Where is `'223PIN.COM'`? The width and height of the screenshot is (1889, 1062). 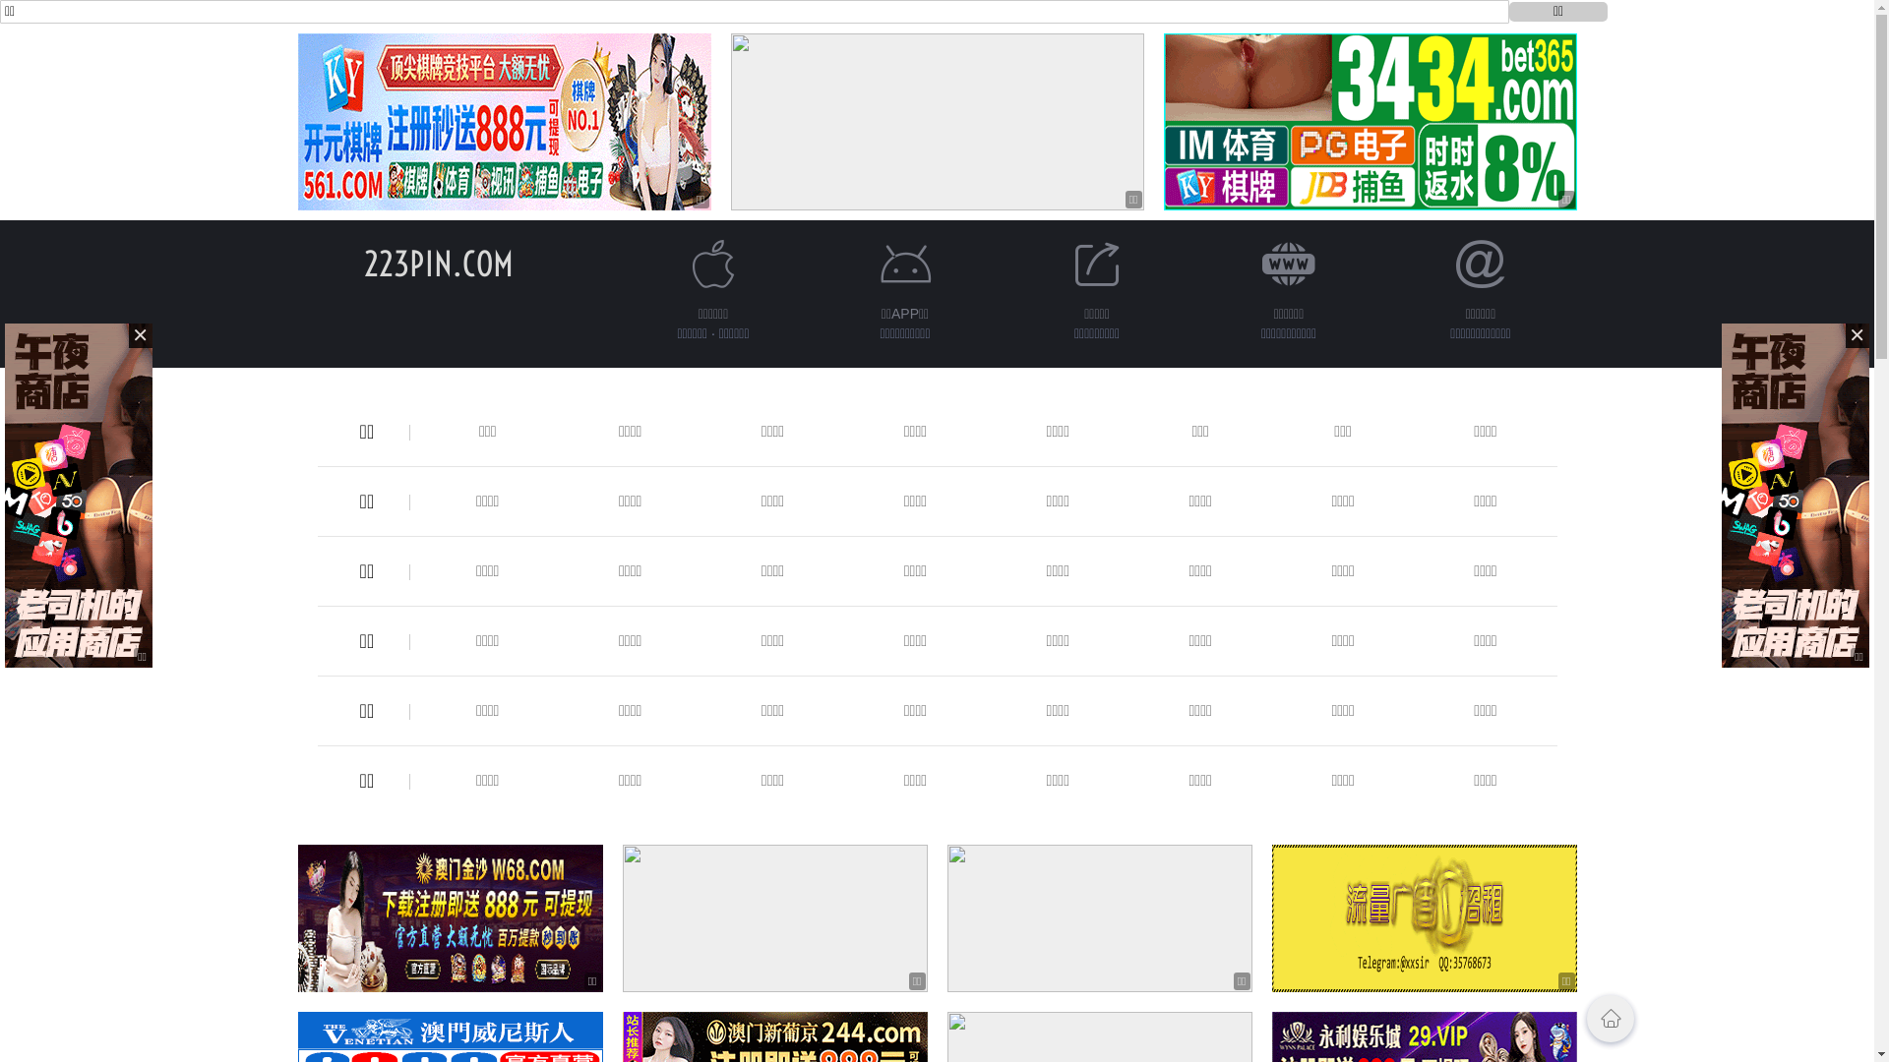 '223PIN.COM' is located at coordinates (438, 263).